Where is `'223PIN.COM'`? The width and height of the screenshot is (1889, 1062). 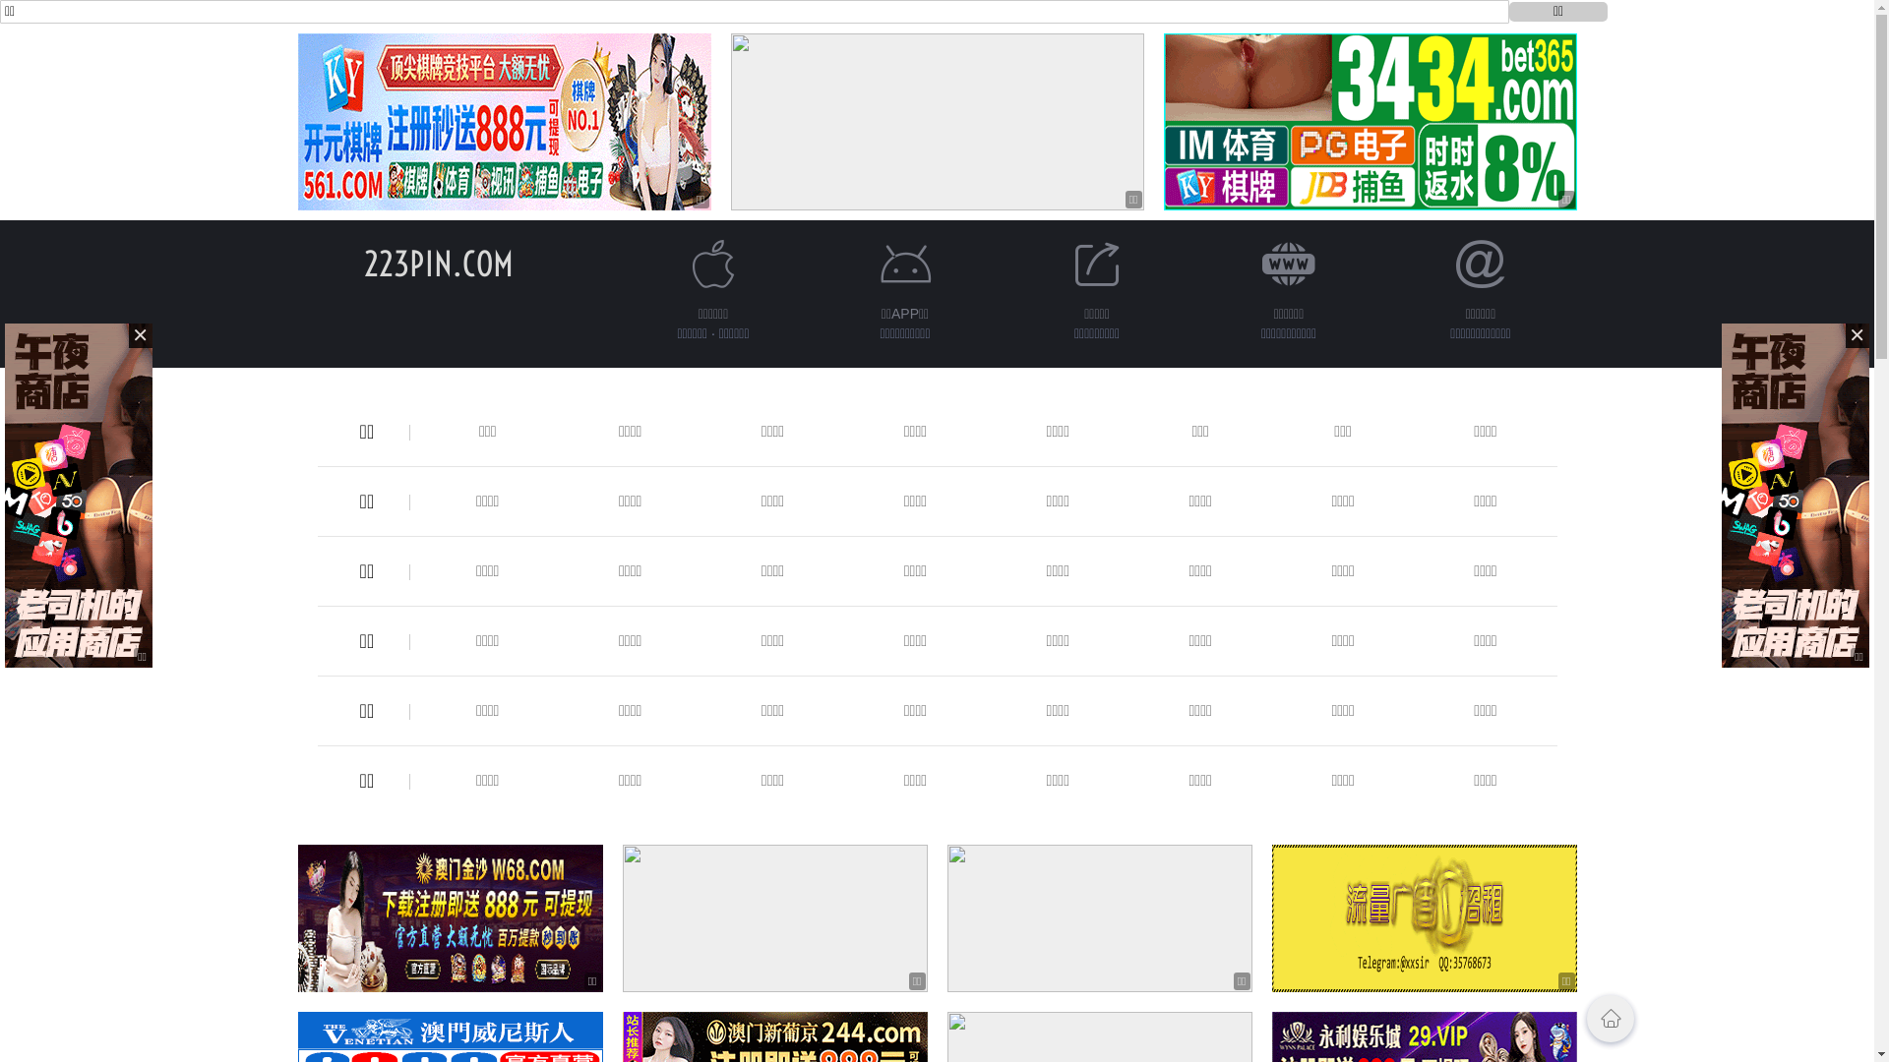 '223PIN.COM' is located at coordinates (438, 263).